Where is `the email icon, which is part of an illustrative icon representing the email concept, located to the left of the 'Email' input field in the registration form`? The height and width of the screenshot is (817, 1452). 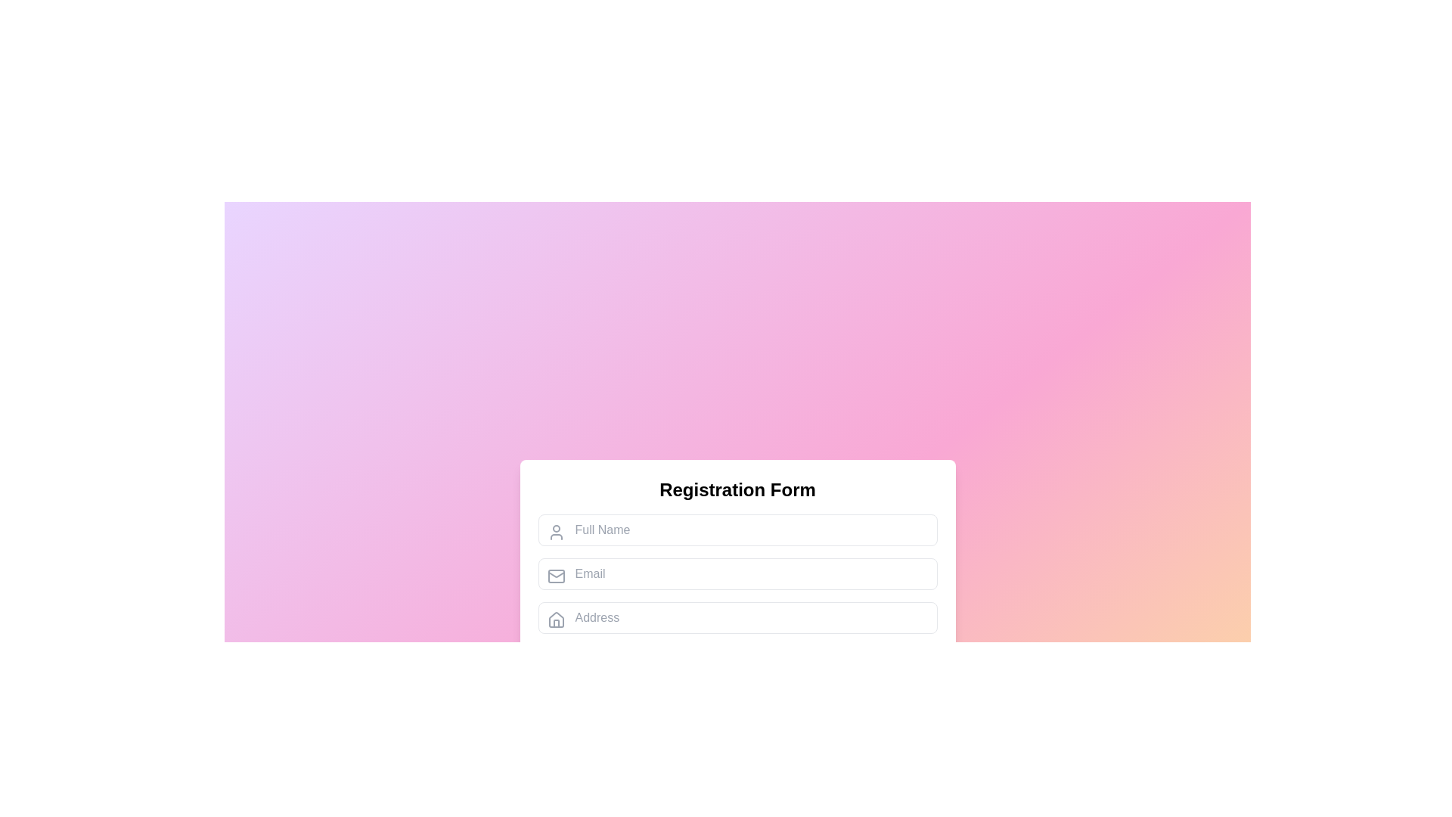
the email icon, which is part of an illustrative icon representing the email concept, located to the left of the 'Email' input field in the registration form is located at coordinates (555, 576).